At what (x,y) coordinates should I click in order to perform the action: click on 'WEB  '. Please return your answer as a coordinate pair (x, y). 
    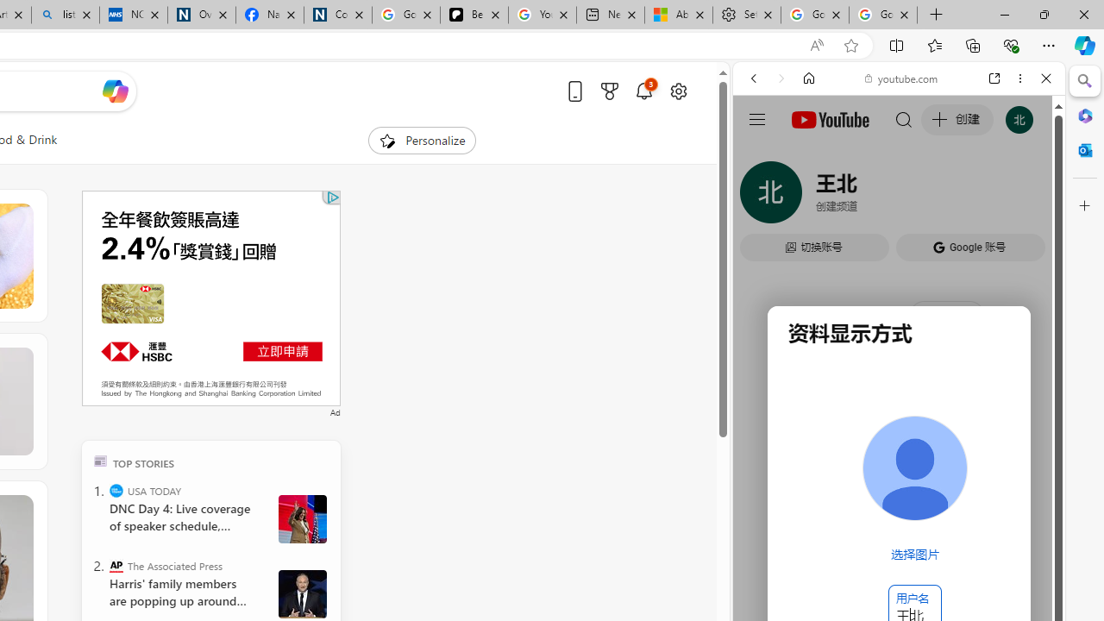
    Looking at the image, I should click on (760, 196).